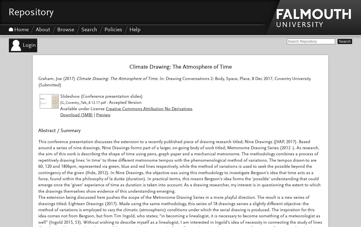 The height and width of the screenshot is (227, 361). I want to click on 'JG_Coventry_Talk_8.12.17.pdf', so click(83, 103).